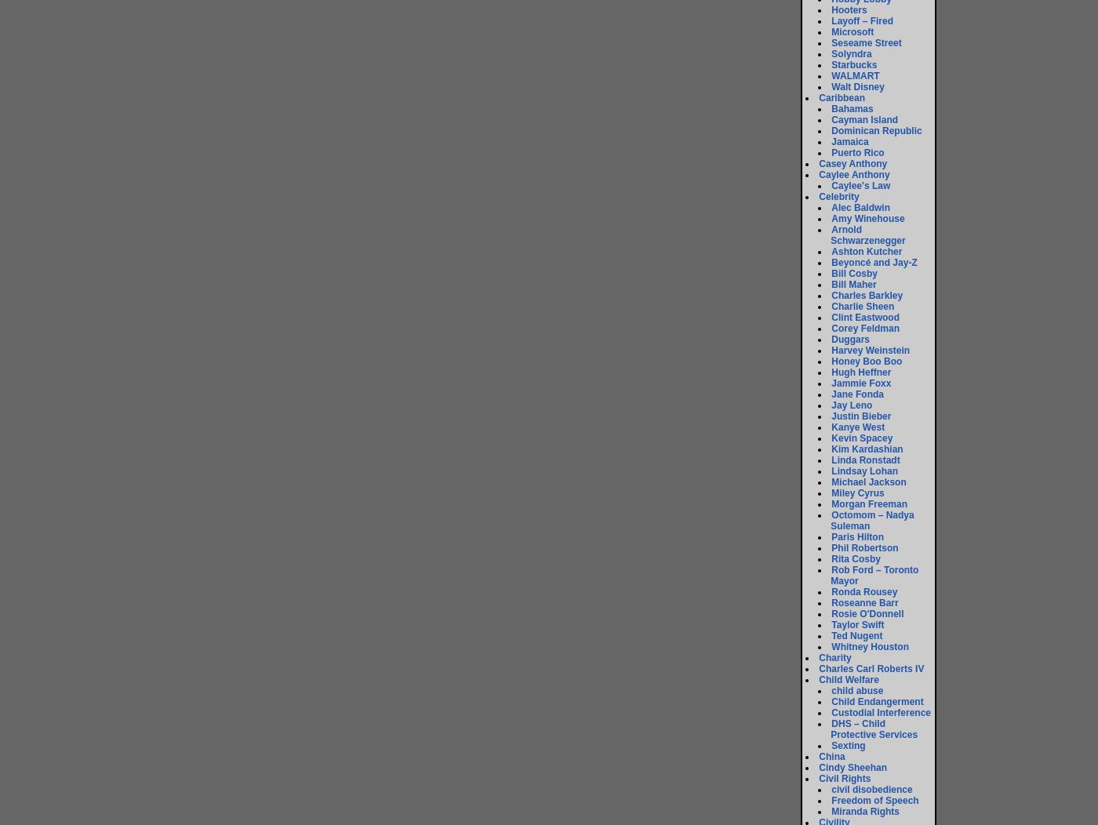 The height and width of the screenshot is (825, 1098). Describe the element at coordinates (831, 185) in the screenshot. I see `'Caylee's Law'` at that location.